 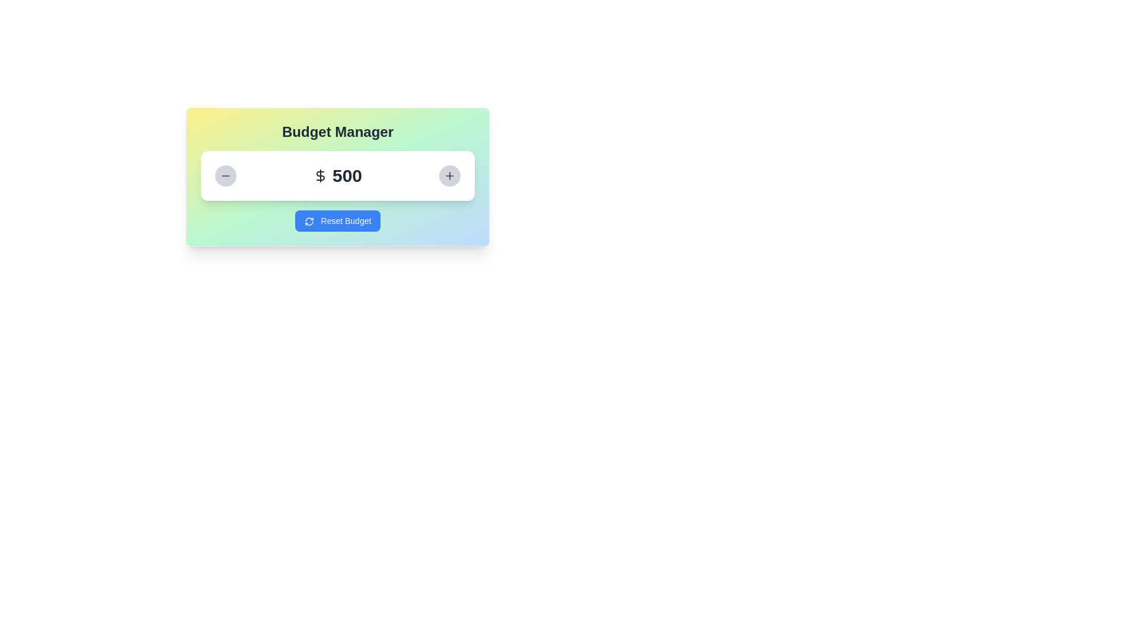 What do you see at coordinates (337, 132) in the screenshot?
I see `the heading text element that serves as the title for the 'Budget Manager' UI section, which is centrally aligned and positioned above other elements` at bounding box center [337, 132].